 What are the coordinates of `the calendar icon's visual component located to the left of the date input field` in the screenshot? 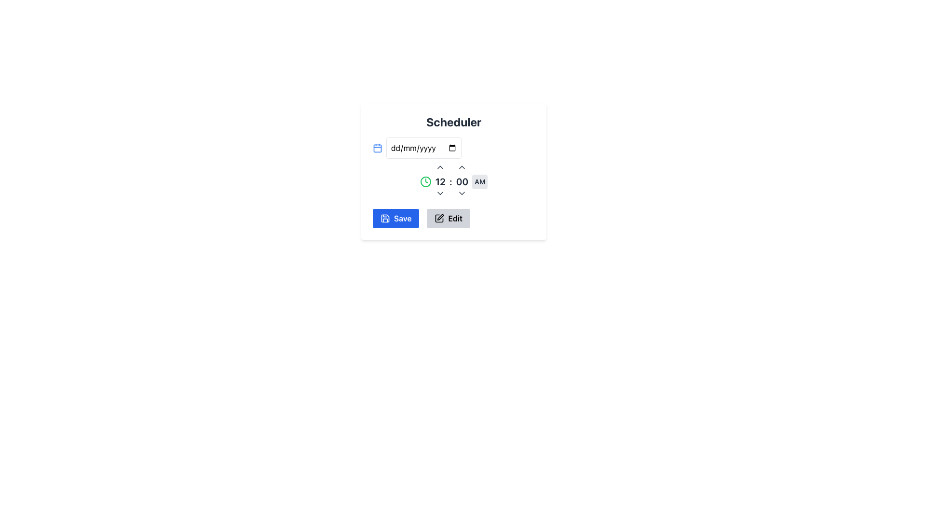 It's located at (377, 148).